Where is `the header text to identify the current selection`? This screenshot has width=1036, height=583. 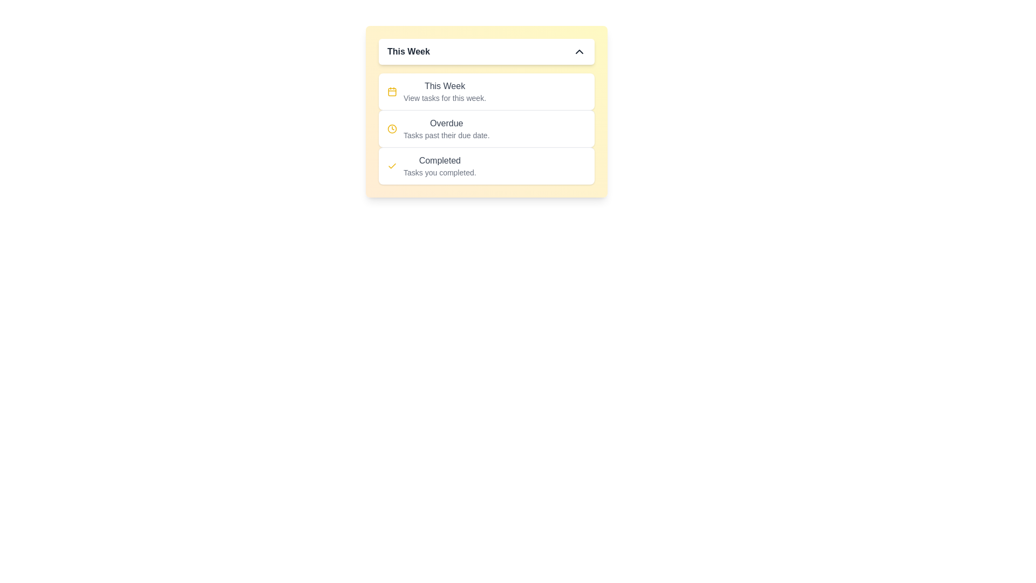
the header text to identify the current selection is located at coordinates (486, 52).